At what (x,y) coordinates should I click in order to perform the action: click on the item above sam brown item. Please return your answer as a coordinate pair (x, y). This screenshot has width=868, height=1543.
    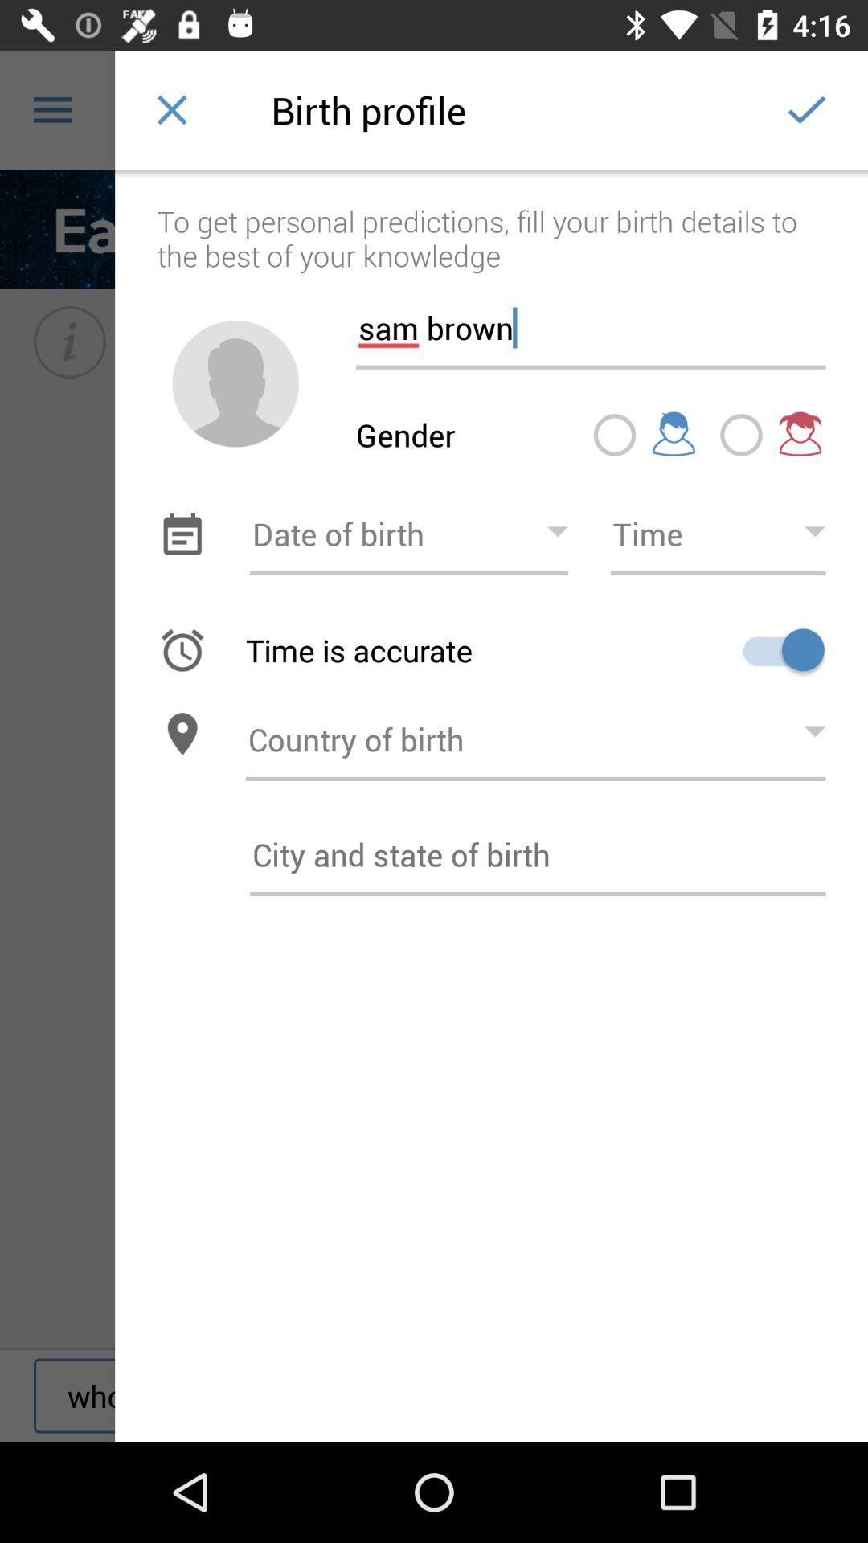
    Looking at the image, I should click on (490, 222).